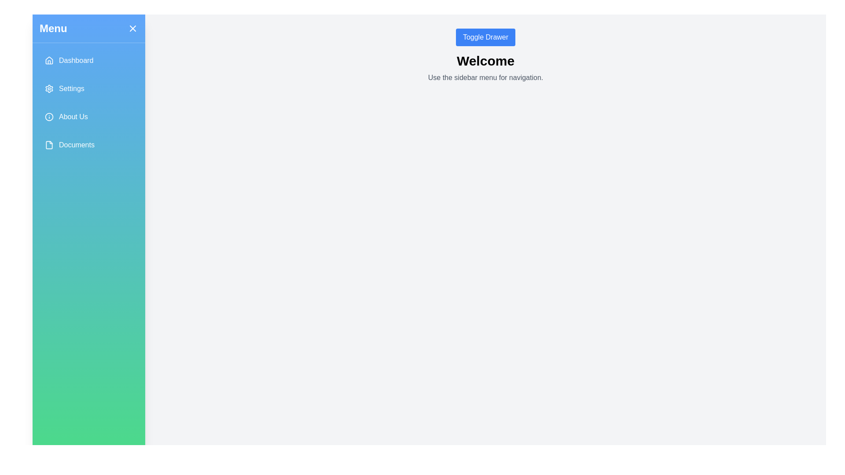  What do you see at coordinates (88, 117) in the screenshot?
I see `the menu item About Us from the drawer menu` at bounding box center [88, 117].